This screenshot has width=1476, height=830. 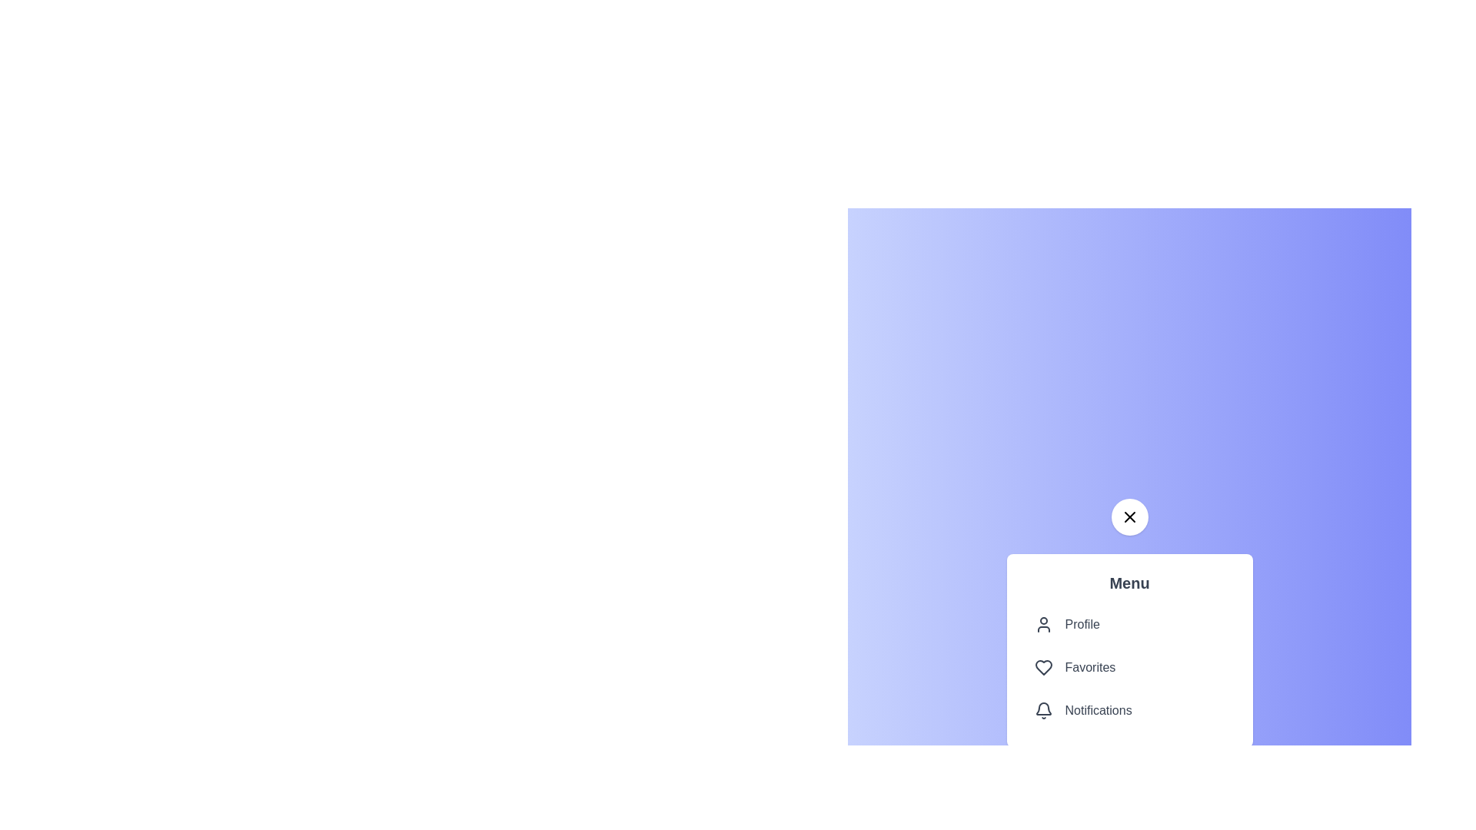 I want to click on the menu option Profile by clicking on it, so click(x=1129, y=625).